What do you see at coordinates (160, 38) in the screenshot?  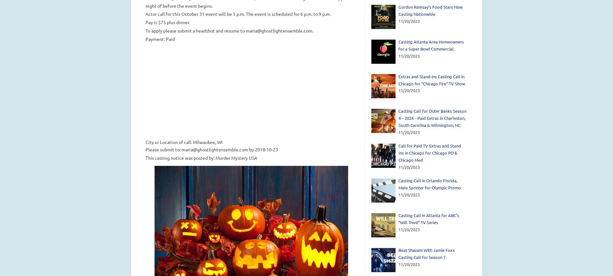 I see `'Payment: Paid'` at bounding box center [160, 38].